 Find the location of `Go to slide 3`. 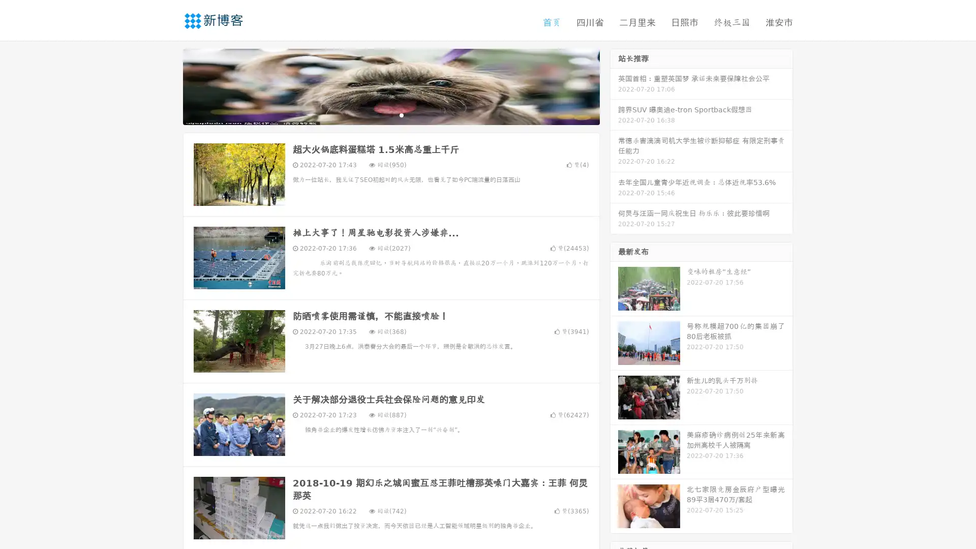

Go to slide 3 is located at coordinates (401, 114).